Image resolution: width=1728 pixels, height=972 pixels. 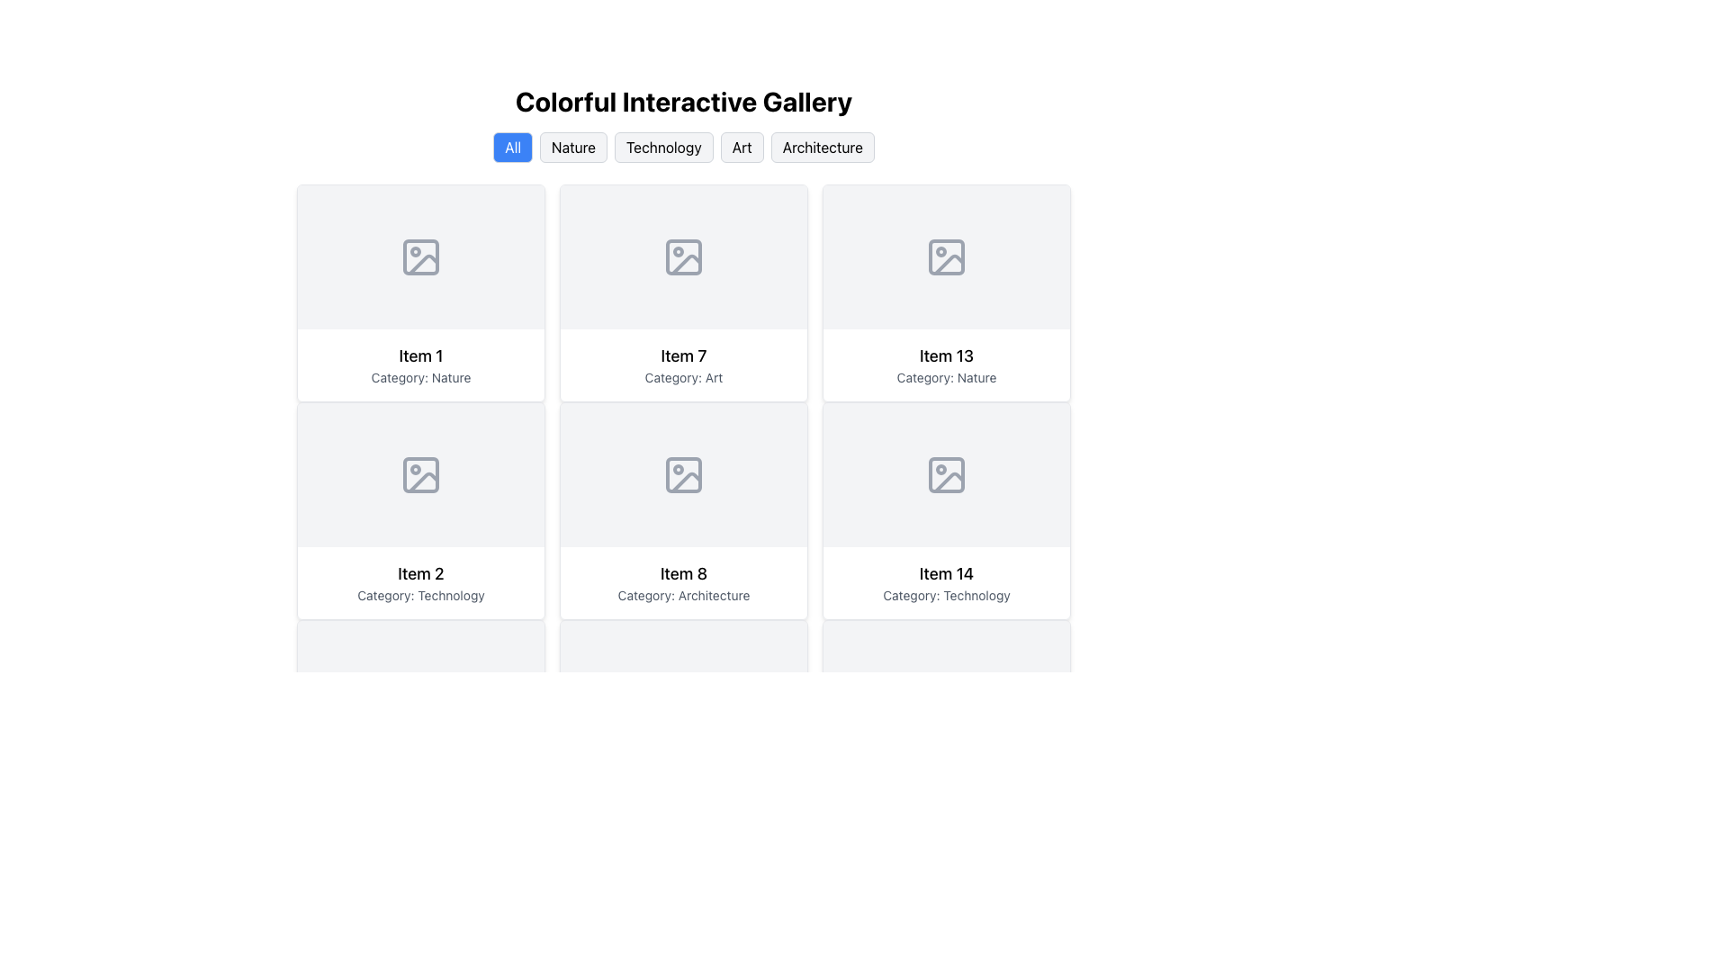 What do you see at coordinates (419, 364) in the screenshot?
I see `the grid item card displaying content related to 'Item 1' with the category descriptor 'Nature', located in the upper-left of the grid layout` at bounding box center [419, 364].